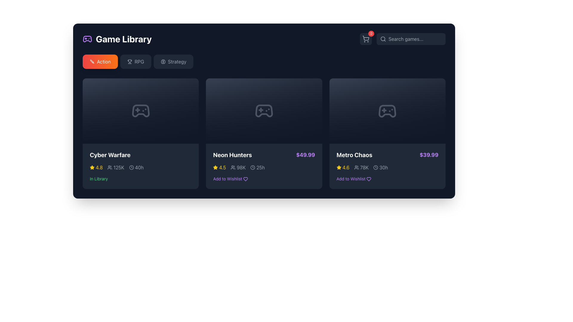 This screenshot has height=322, width=573. What do you see at coordinates (387, 111) in the screenshot?
I see `the game item icon for 'Metro Chaos', which is the third item in a horizontally aligned game list` at bounding box center [387, 111].